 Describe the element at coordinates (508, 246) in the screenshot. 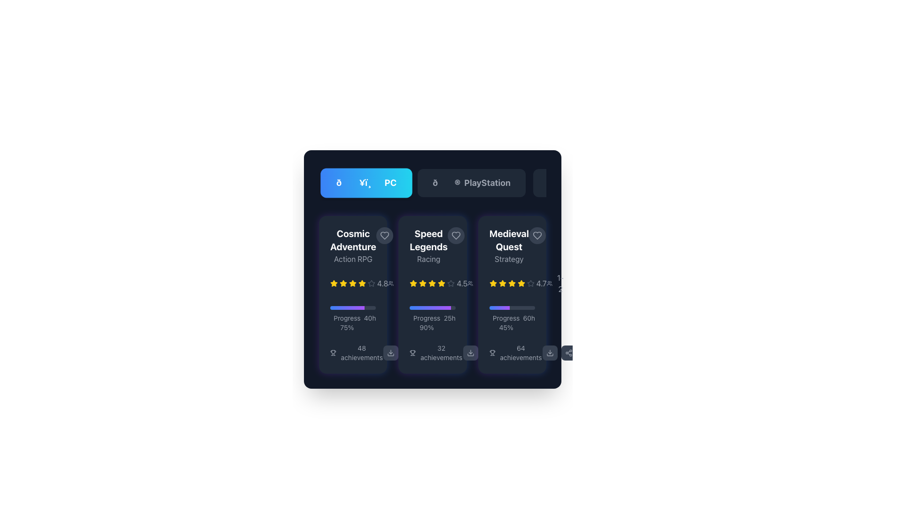

I see `the Text label group containing 'Medieval Quest' and 'Strategy', which is displayed in bold white and smaller gray font respectively, located in the upper portion of the third column of a card arrangement` at that location.